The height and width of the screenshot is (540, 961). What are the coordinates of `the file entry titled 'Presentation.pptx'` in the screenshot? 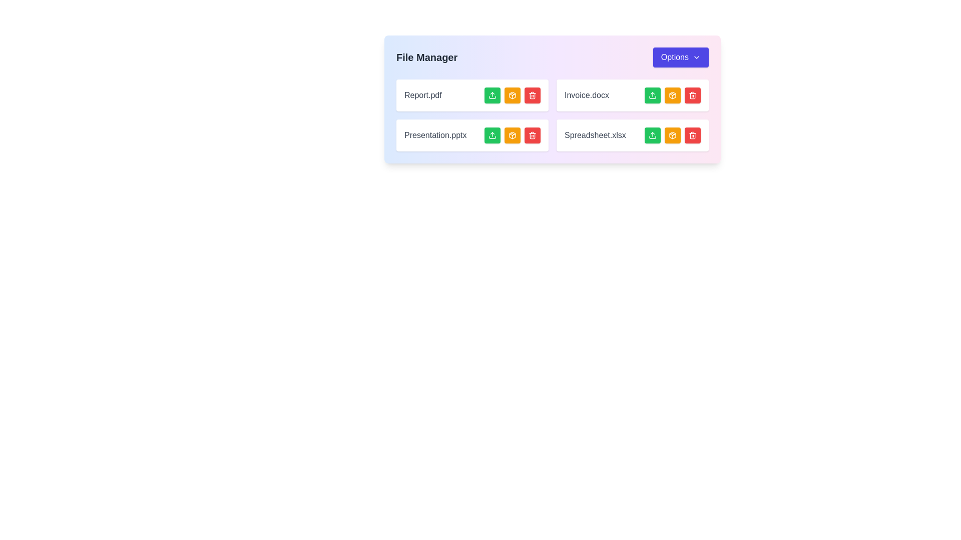 It's located at (472, 135).